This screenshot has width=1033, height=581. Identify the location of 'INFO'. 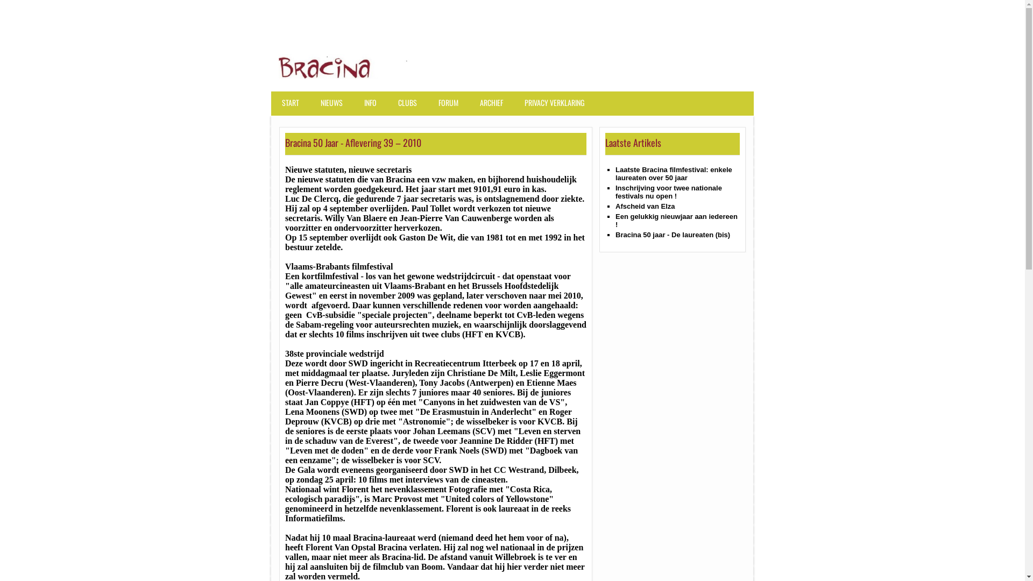
(373, 108).